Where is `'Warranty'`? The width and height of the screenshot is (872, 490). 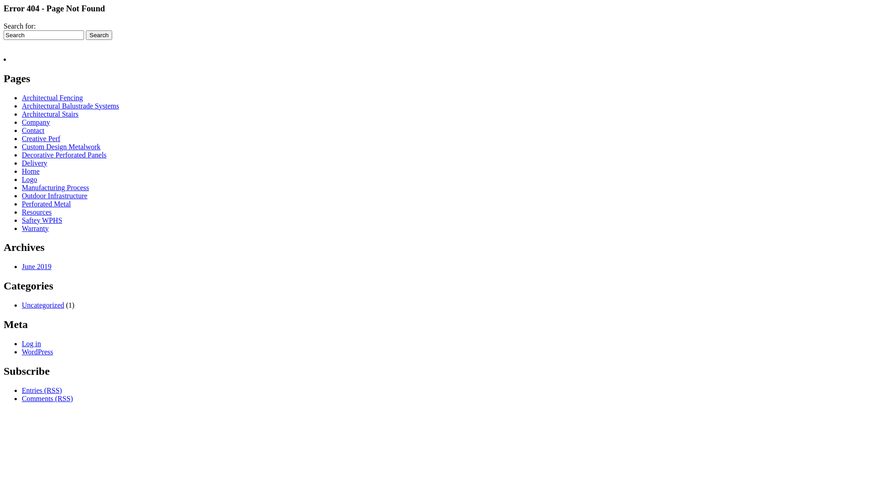
'Warranty' is located at coordinates (35, 228).